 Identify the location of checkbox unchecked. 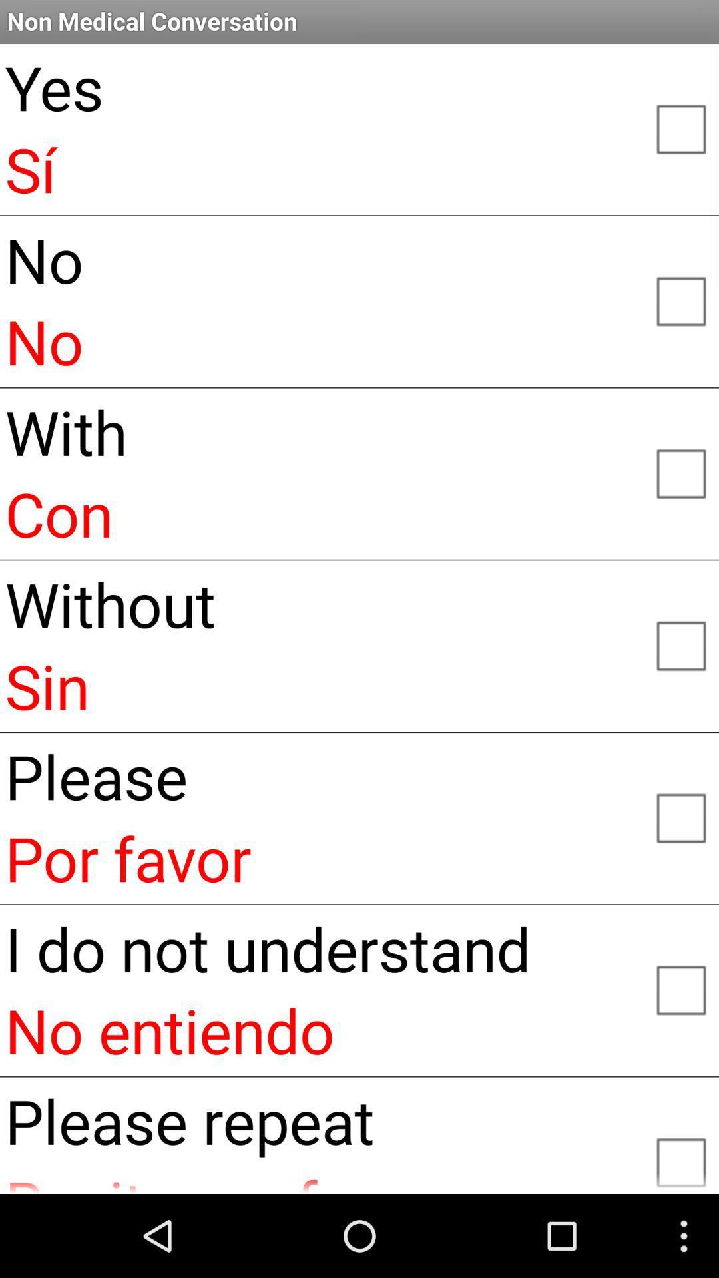
(680, 989).